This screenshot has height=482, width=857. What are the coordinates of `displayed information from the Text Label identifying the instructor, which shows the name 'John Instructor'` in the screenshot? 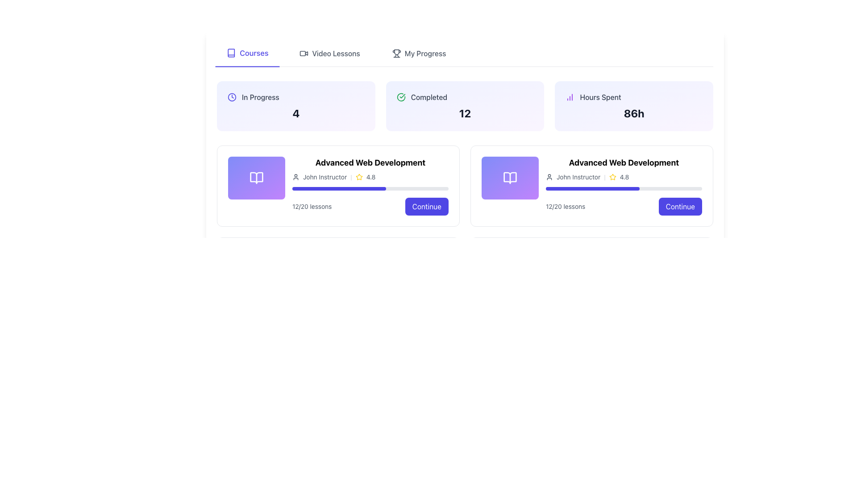 It's located at (578, 177).